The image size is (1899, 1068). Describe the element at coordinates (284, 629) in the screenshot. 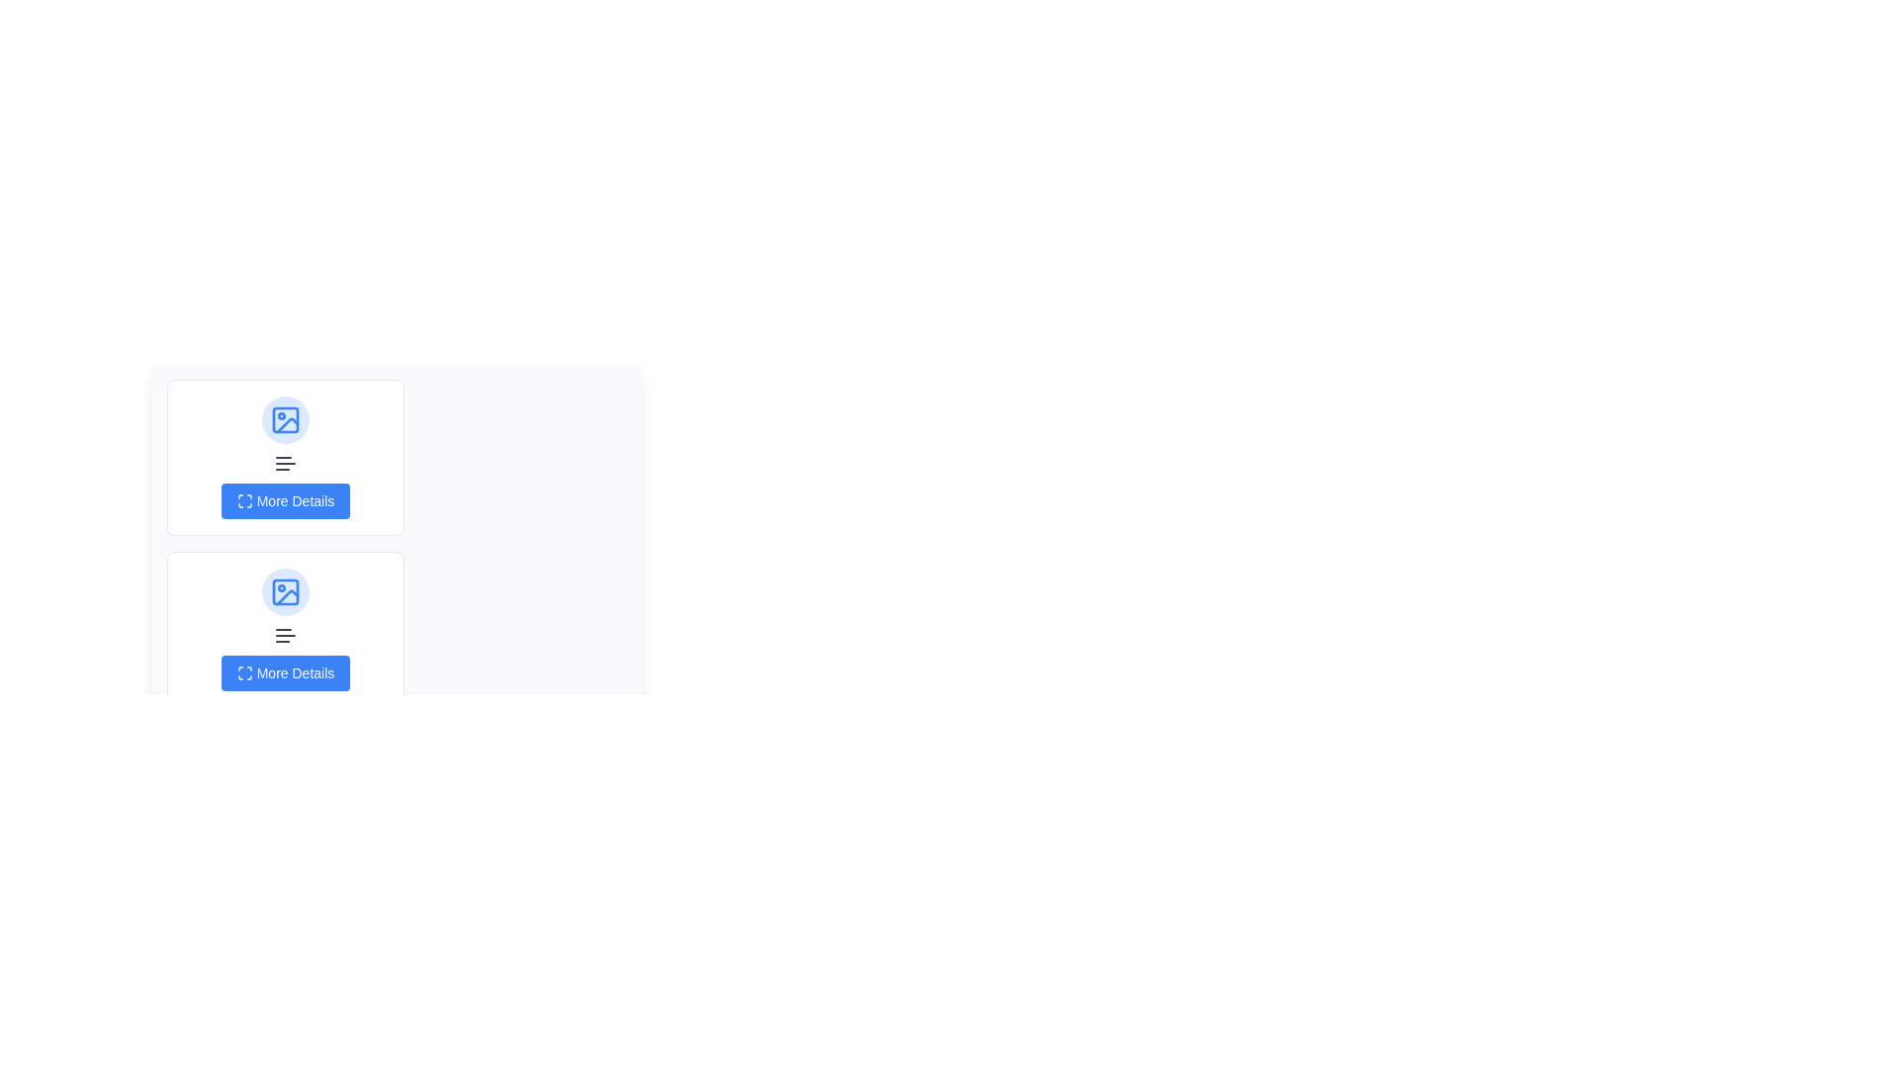

I see `the second card in a vertically aligned list, which has a white background, gray border, an icon at the top, a small textual indicator, and a button labeled 'More Details' at the bottom` at that location.